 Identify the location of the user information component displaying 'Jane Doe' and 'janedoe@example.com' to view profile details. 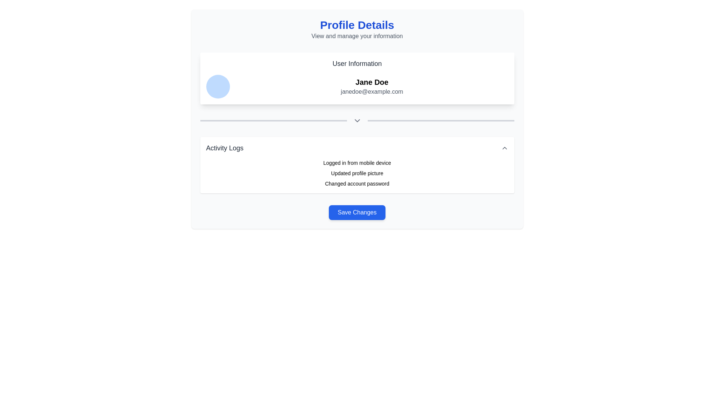
(357, 86).